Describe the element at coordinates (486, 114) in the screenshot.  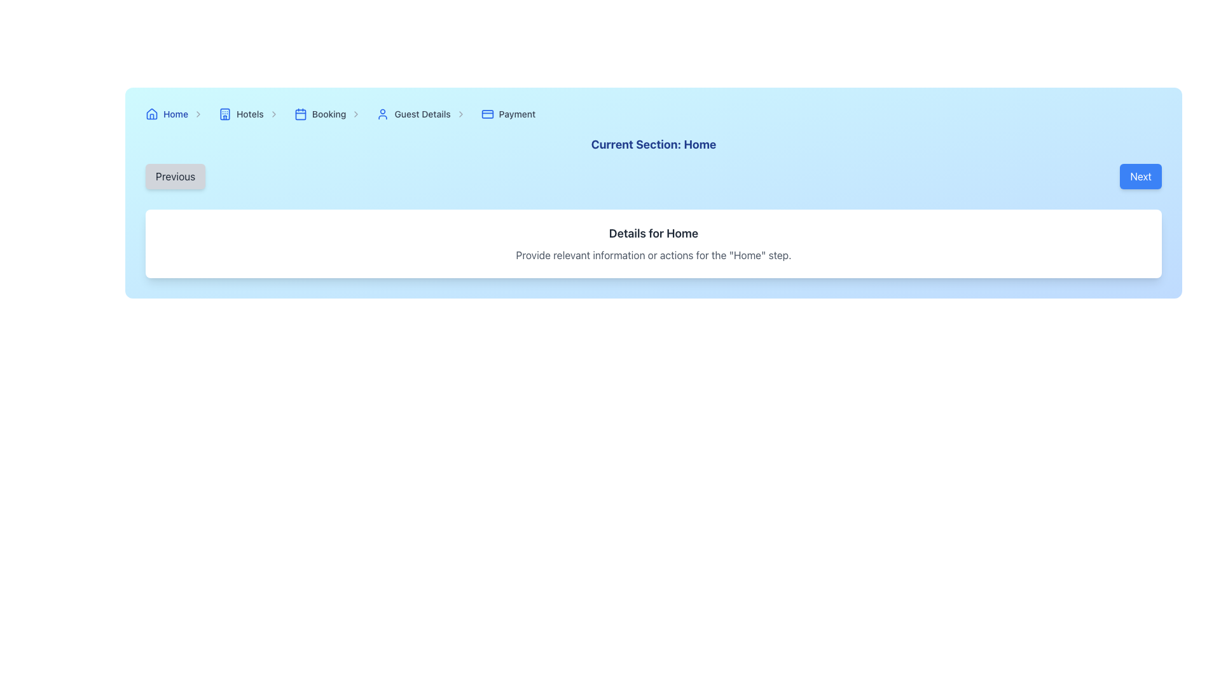
I see `credit card icon with blue styling located next to the 'Payment' text in the breadcrumb navigation bar` at that location.